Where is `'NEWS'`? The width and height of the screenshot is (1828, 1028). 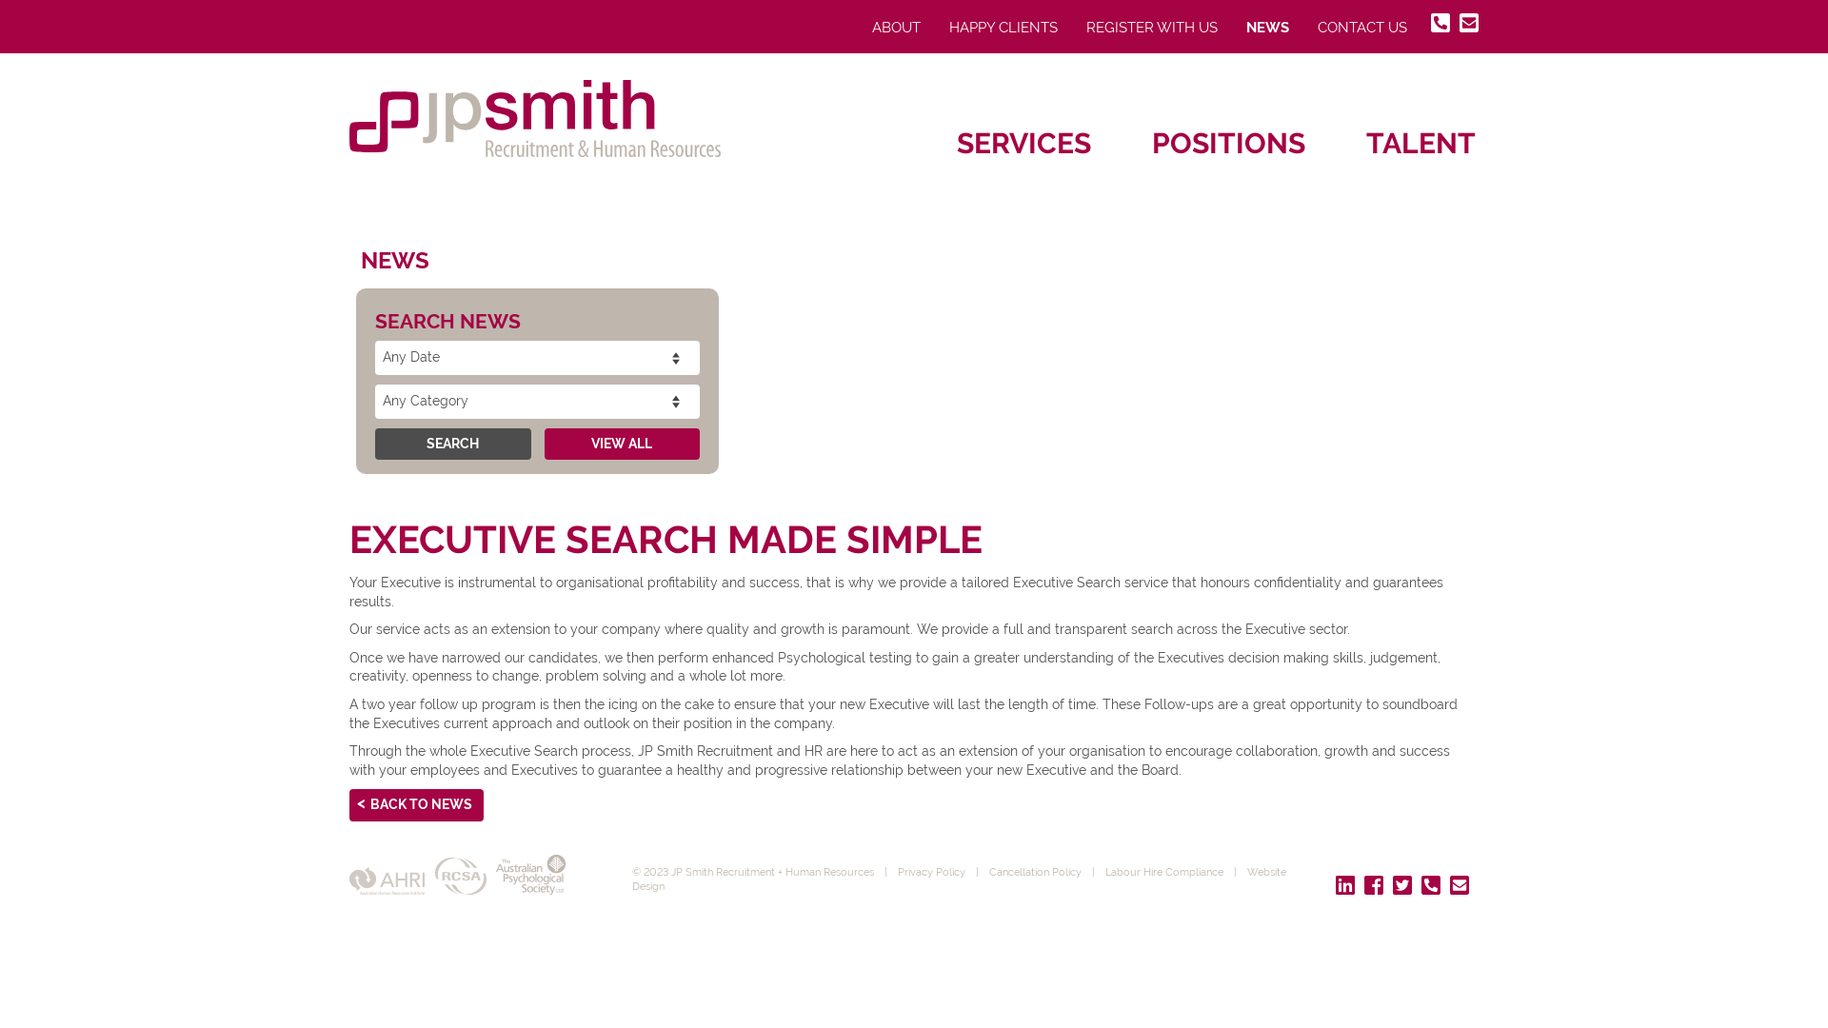 'NEWS' is located at coordinates (1232, 28).